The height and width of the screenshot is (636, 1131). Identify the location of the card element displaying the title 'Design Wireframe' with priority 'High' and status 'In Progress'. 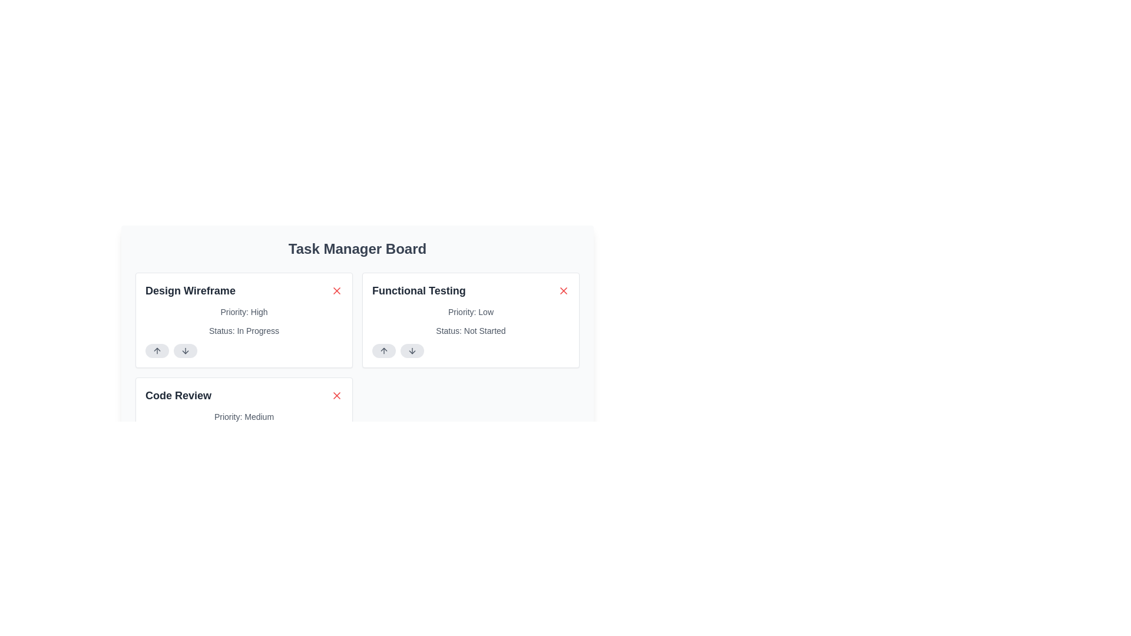
(243, 320).